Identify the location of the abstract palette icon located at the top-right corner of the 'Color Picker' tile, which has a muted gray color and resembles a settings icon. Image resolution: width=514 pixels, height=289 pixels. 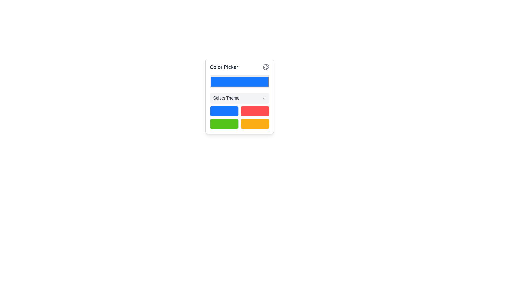
(266, 67).